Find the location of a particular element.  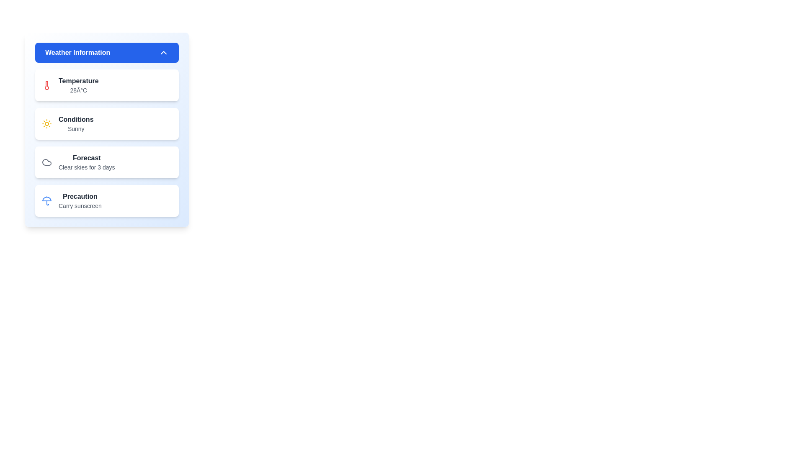

the sun icon representing sunny weather, located in the 'Conditions' section of the 'Weather Information' panel, positioned to the left of the label 'Conditions' is located at coordinates (46, 124).